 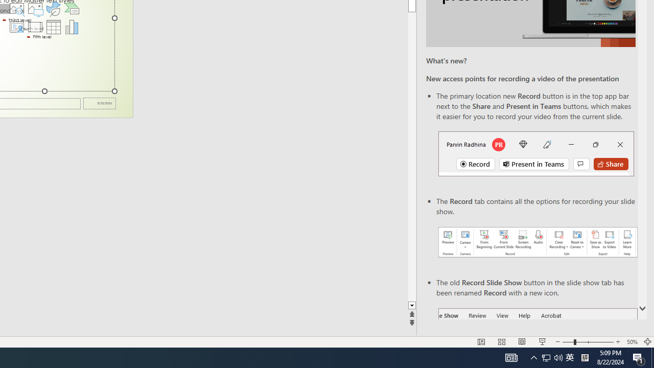 What do you see at coordinates (535, 153) in the screenshot?
I see `'Record button in top bar'` at bounding box center [535, 153].